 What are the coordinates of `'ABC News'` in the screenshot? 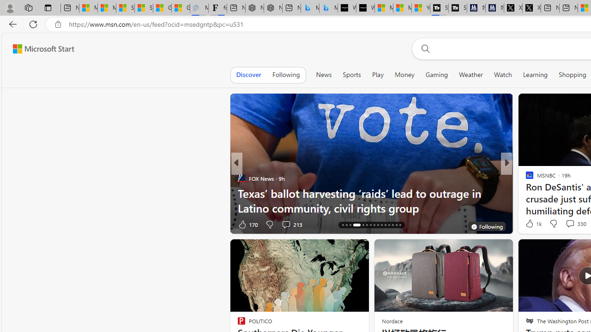 It's located at (525, 178).